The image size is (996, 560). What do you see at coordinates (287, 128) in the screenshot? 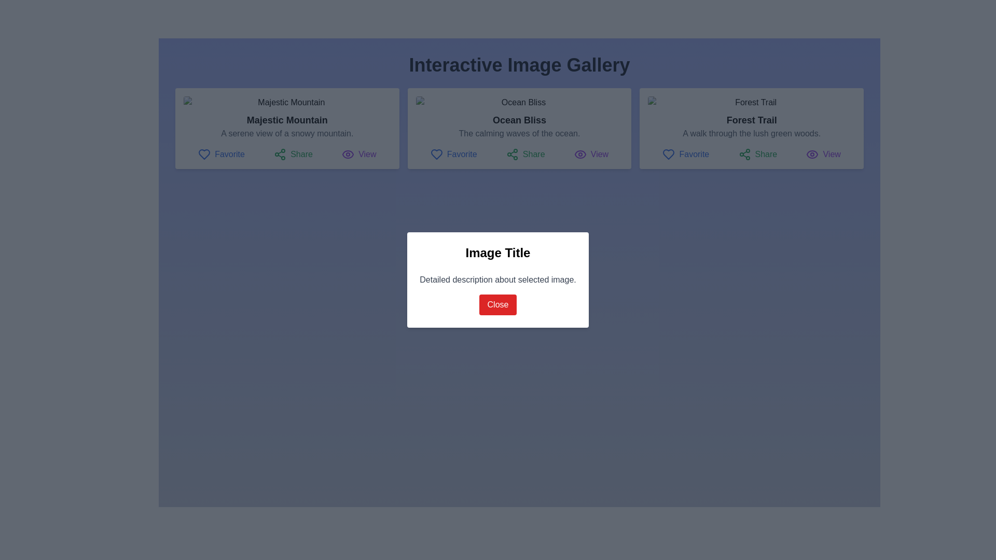
I see `the first Interactive Card in the grid layout, which has a white background, rounded corners, and contains buttons labeled 'Favorite', 'Share', and 'View'` at bounding box center [287, 128].